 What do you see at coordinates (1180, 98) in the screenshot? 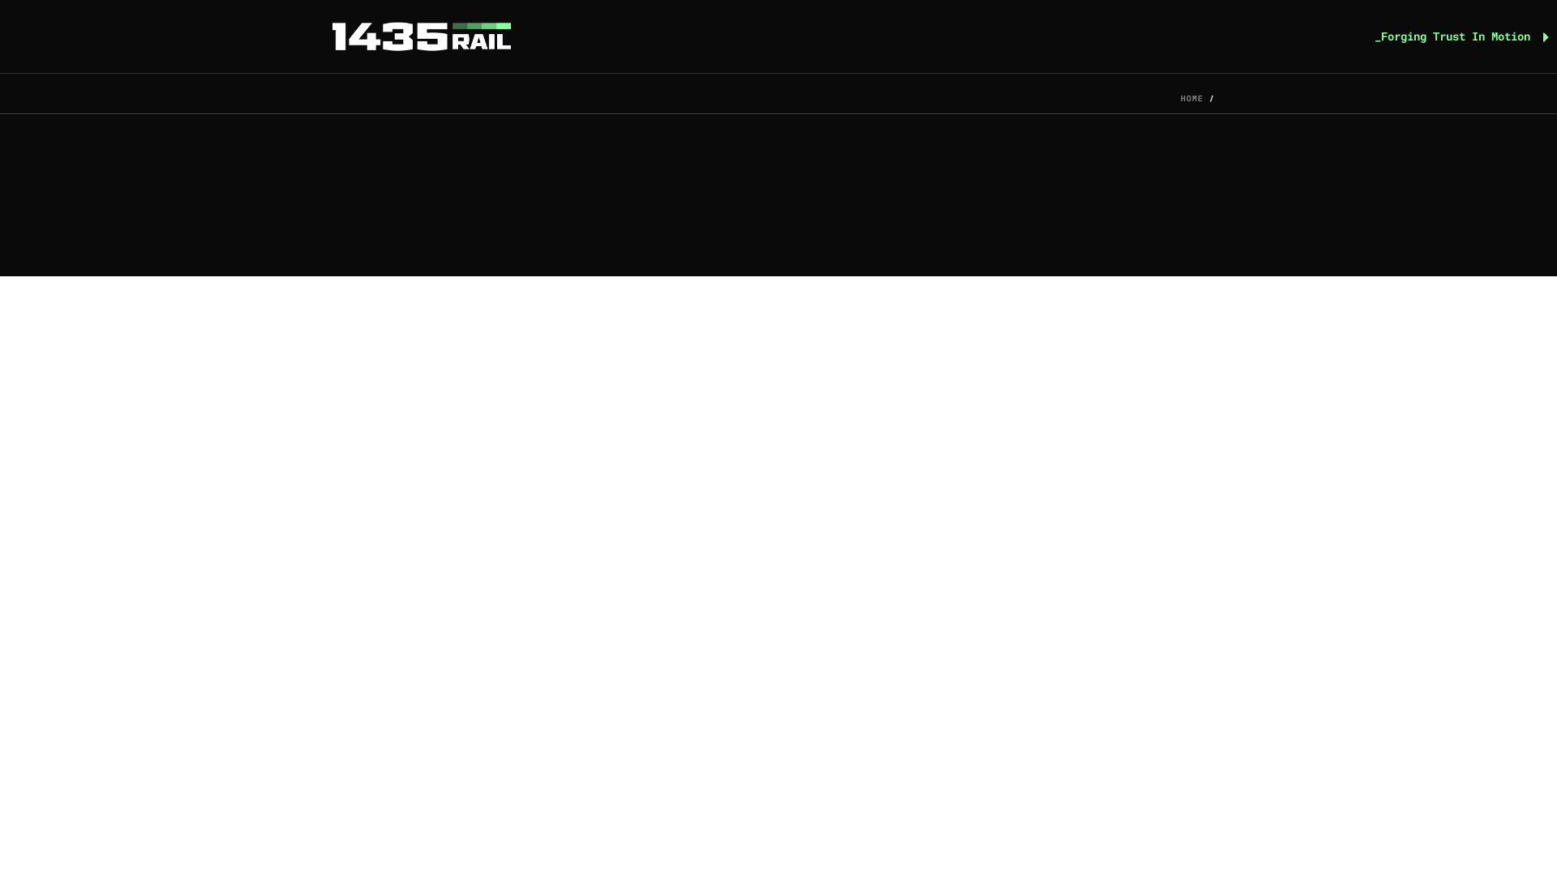
I see `'HOME'` at bounding box center [1180, 98].